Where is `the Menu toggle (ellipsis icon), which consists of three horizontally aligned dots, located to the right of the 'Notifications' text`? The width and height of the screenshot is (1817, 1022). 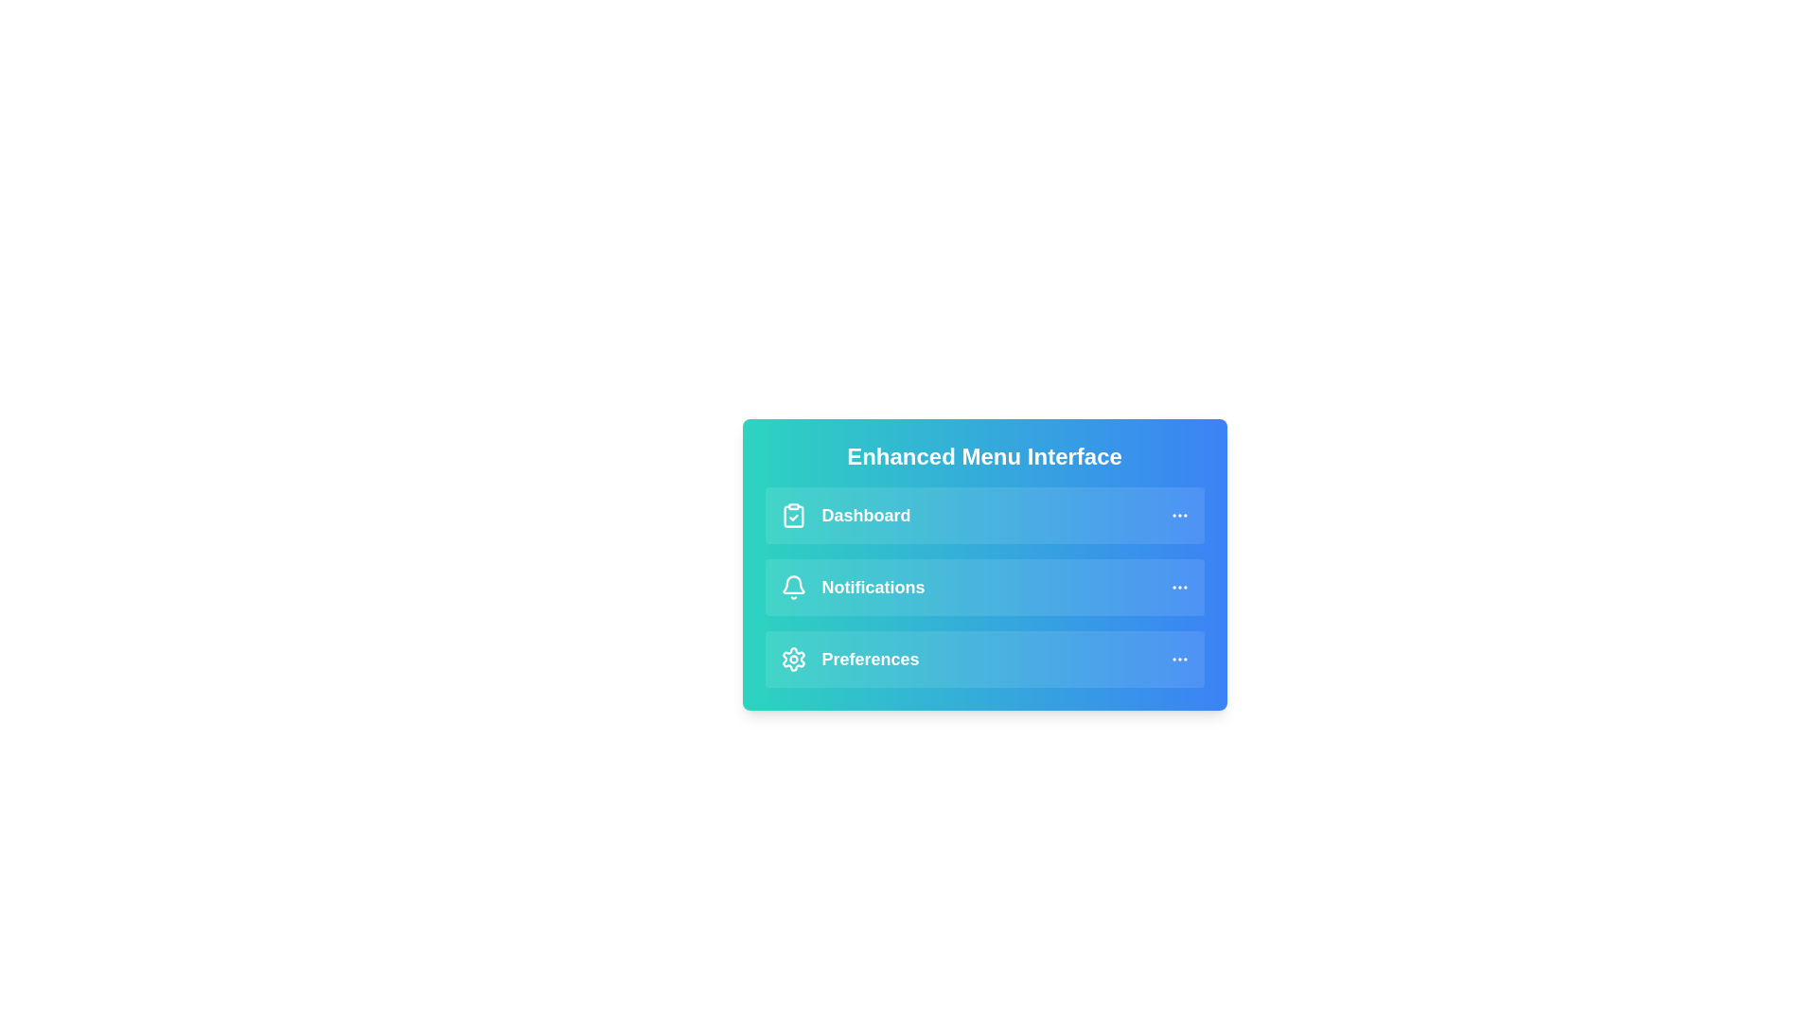 the Menu toggle (ellipsis icon), which consists of three horizontally aligned dots, located to the right of the 'Notifications' text is located at coordinates (1178, 587).